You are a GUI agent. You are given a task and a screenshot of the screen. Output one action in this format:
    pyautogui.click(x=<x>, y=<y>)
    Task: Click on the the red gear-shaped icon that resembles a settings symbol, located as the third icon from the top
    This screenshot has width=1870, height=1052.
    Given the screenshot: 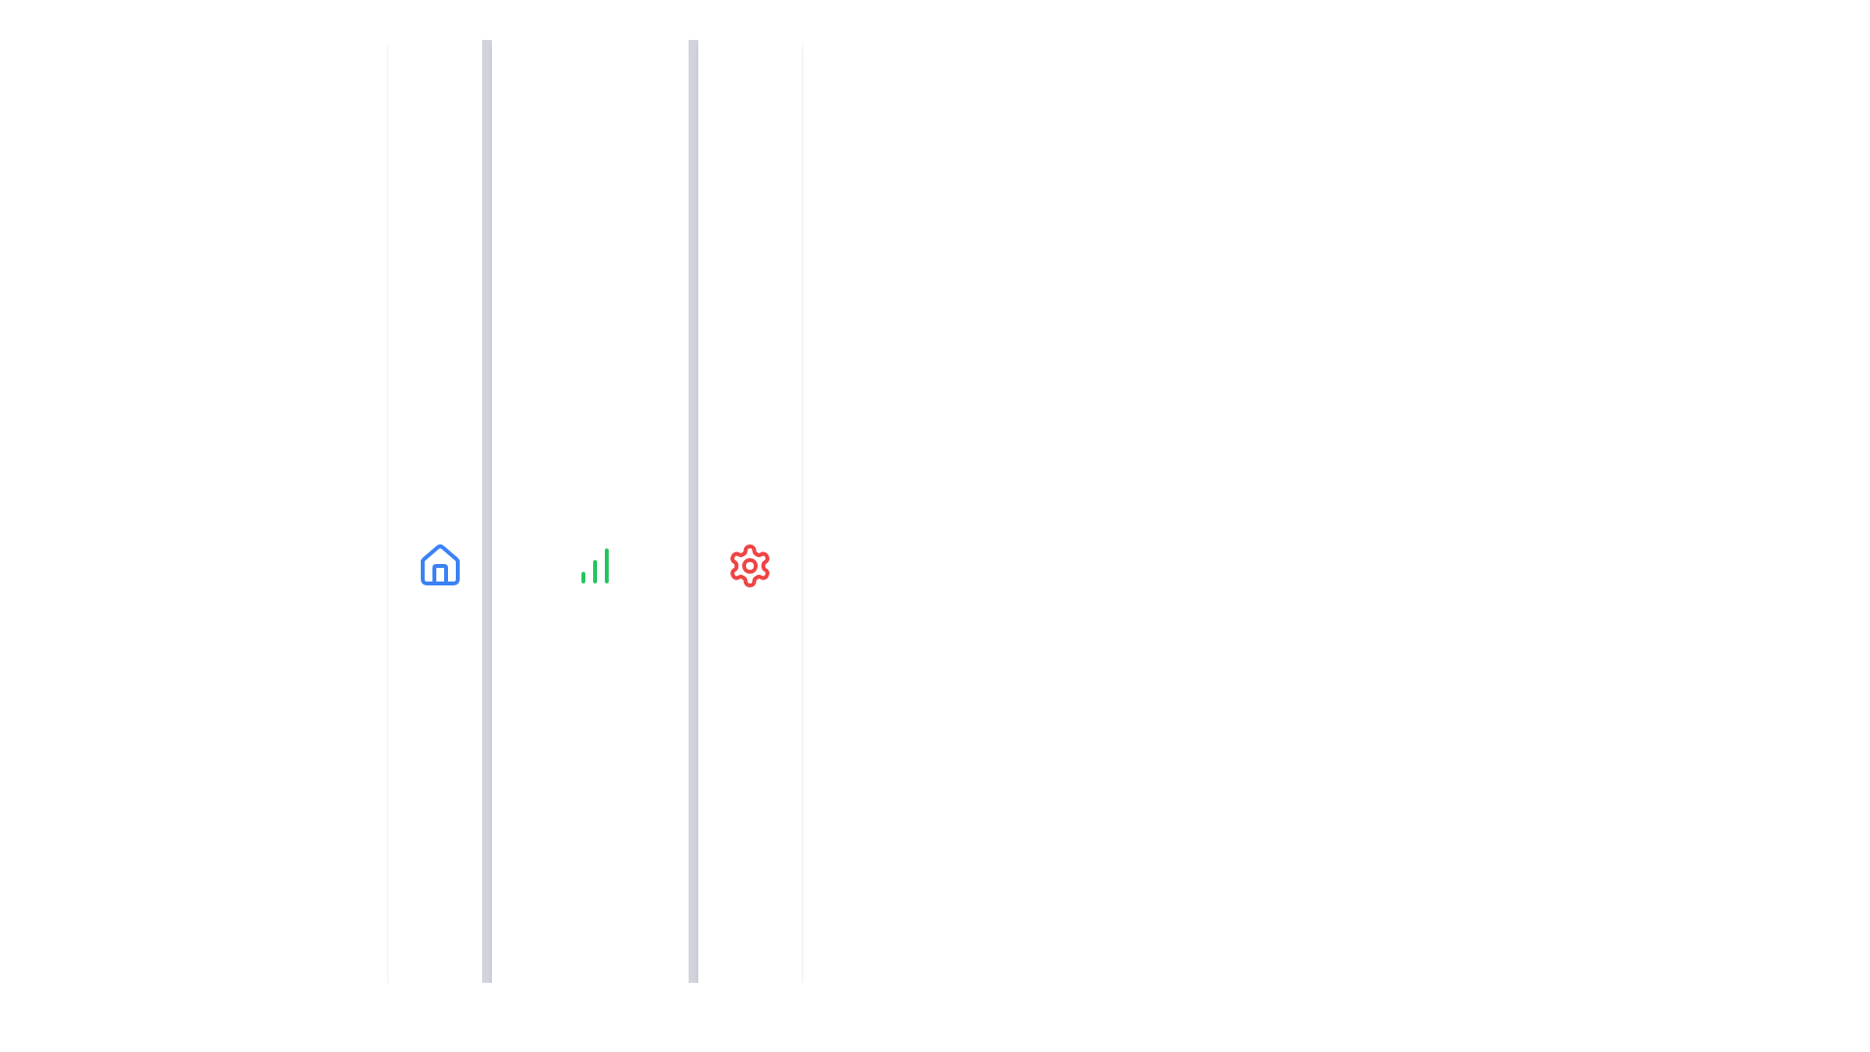 What is the action you would take?
    pyautogui.click(x=748, y=566)
    